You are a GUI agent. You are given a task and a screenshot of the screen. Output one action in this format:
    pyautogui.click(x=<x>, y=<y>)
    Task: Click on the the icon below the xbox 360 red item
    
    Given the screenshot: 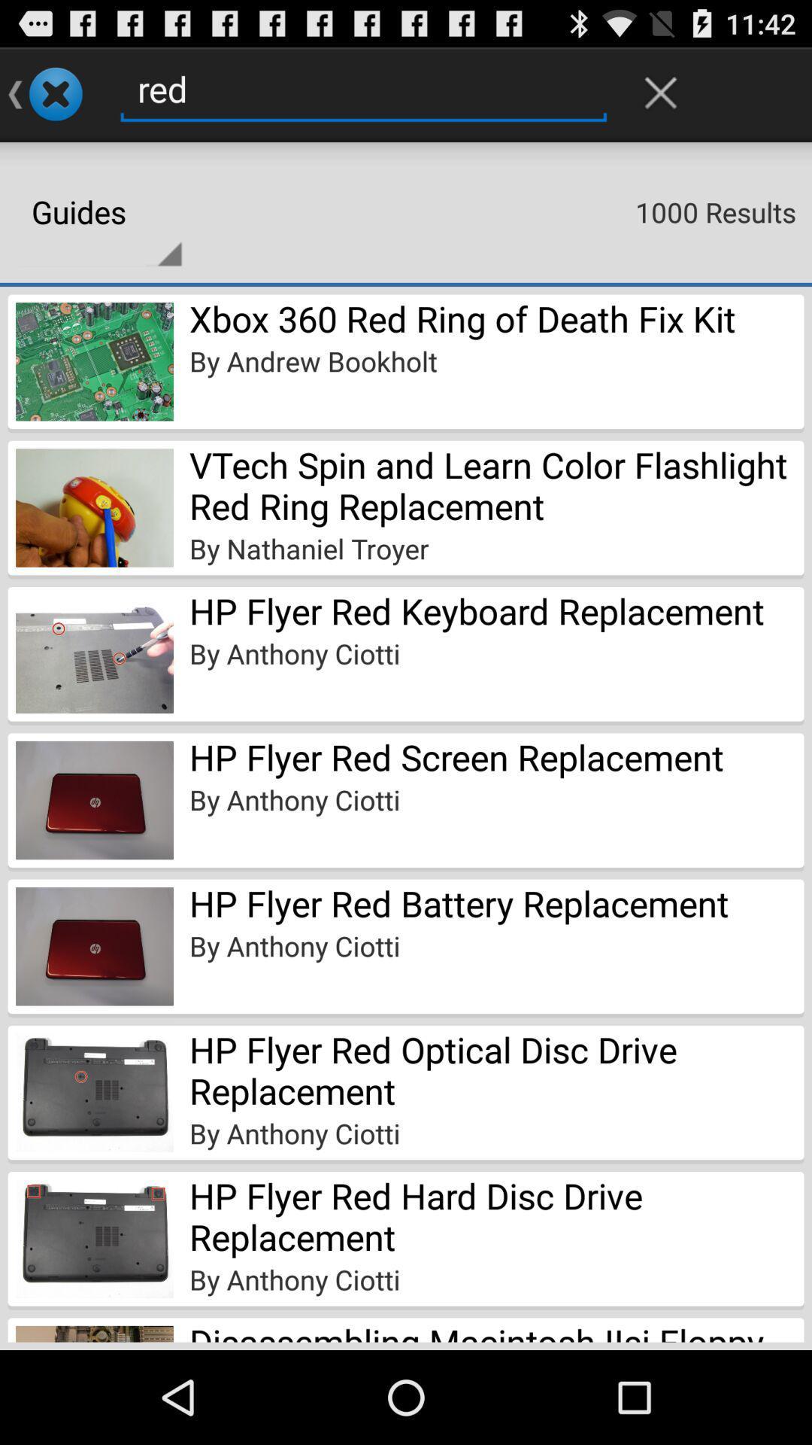 What is the action you would take?
    pyautogui.click(x=312, y=361)
    